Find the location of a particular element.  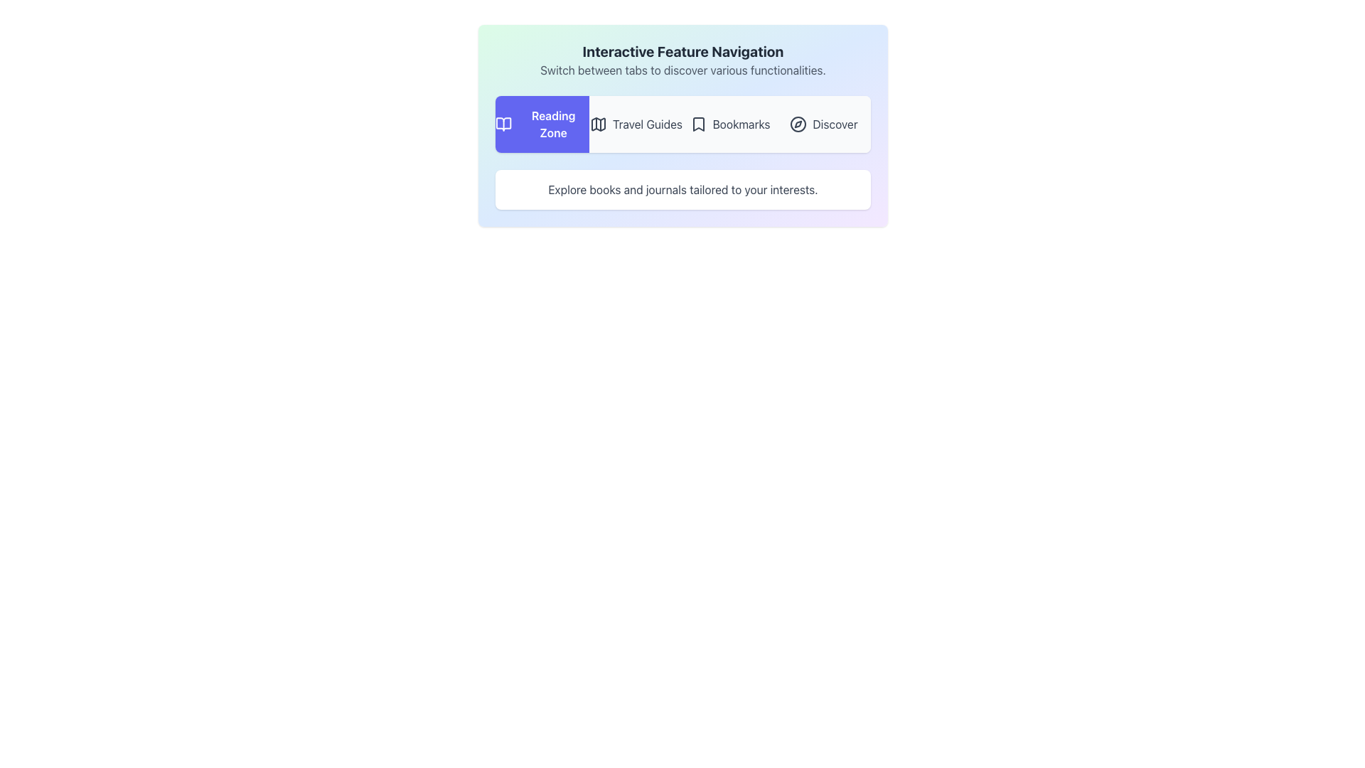

the 'Bookmarks' navigation tab is located at coordinates (730, 123).